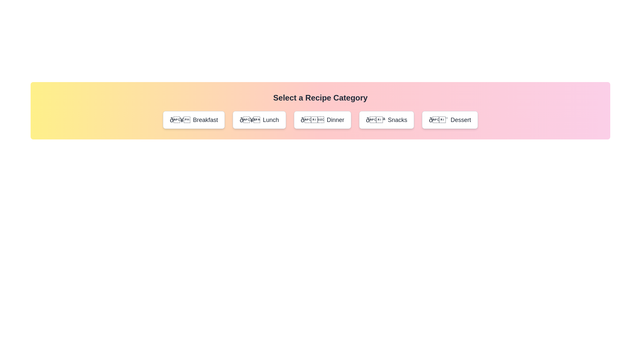 Image resolution: width=632 pixels, height=356 pixels. What do you see at coordinates (322, 120) in the screenshot?
I see `the category Dinner and read the displayed name` at bounding box center [322, 120].